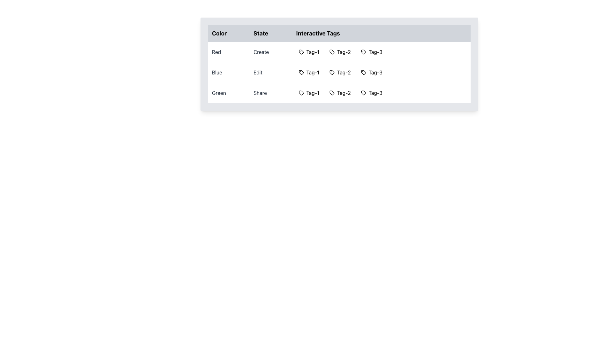 The height and width of the screenshot is (345, 613). Describe the element at coordinates (301, 72) in the screenshot. I see `the blue tag-shaped icon with a hollow interior located in the second row of the three-row table under the 'Interactive Tags' column, next to 'Tag-1', which is aligned with the 'Edit' state from the 'State' column` at that location.